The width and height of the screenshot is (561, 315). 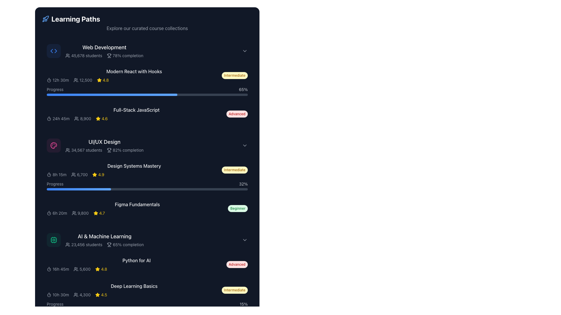 What do you see at coordinates (83, 150) in the screenshot?
I see `the text element displaying '34,567 students' with a user icon, located beneath the 'UI/UX Design' header` at bounding box center [83, 150].